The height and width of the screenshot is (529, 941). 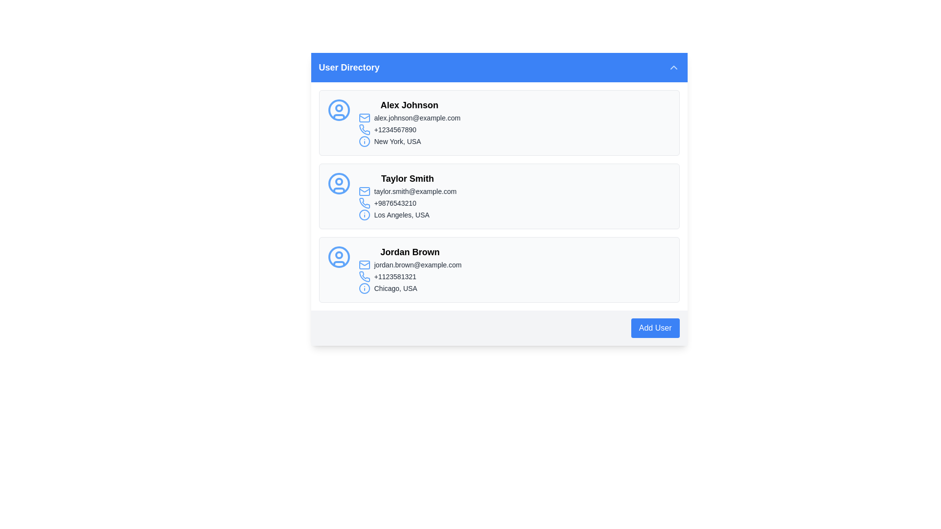 I want to click on the text label displaying the user's name in the third contact card of the directory, so click(x=410, y=252).